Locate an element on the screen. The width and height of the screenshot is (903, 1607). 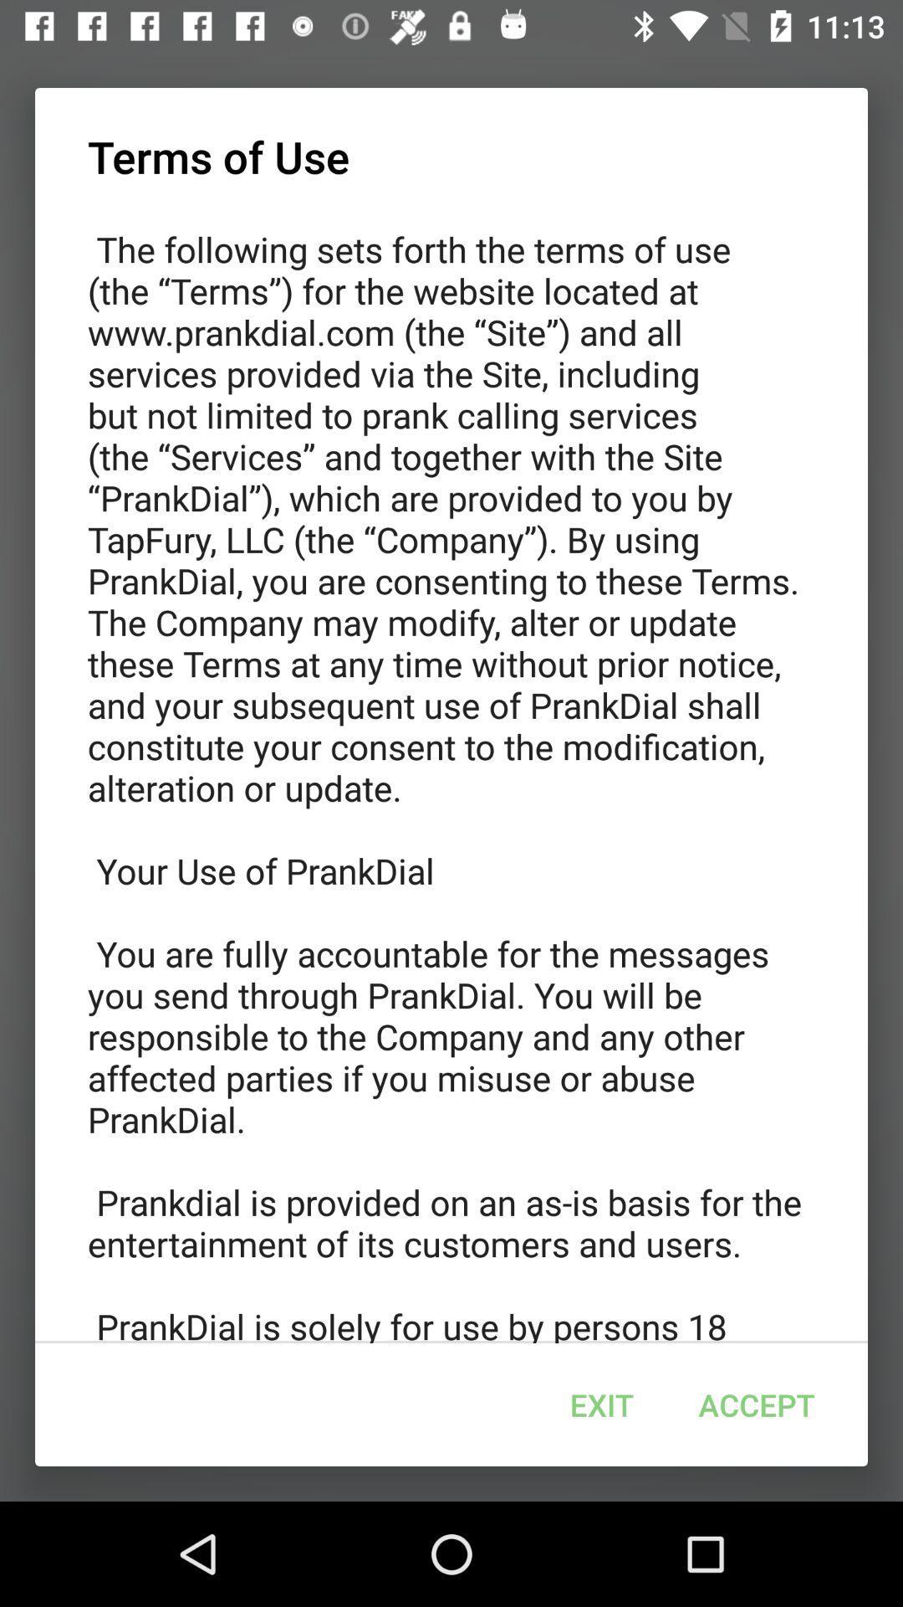
exit is located at coordinates (602, 1404).